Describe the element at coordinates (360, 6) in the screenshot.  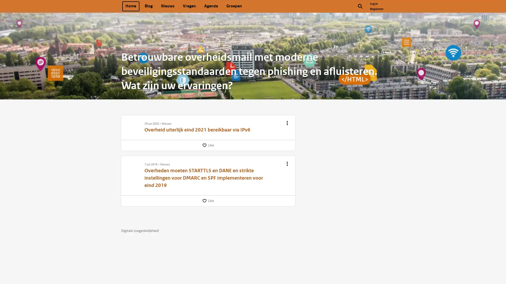
I see `Zoek` at that location.